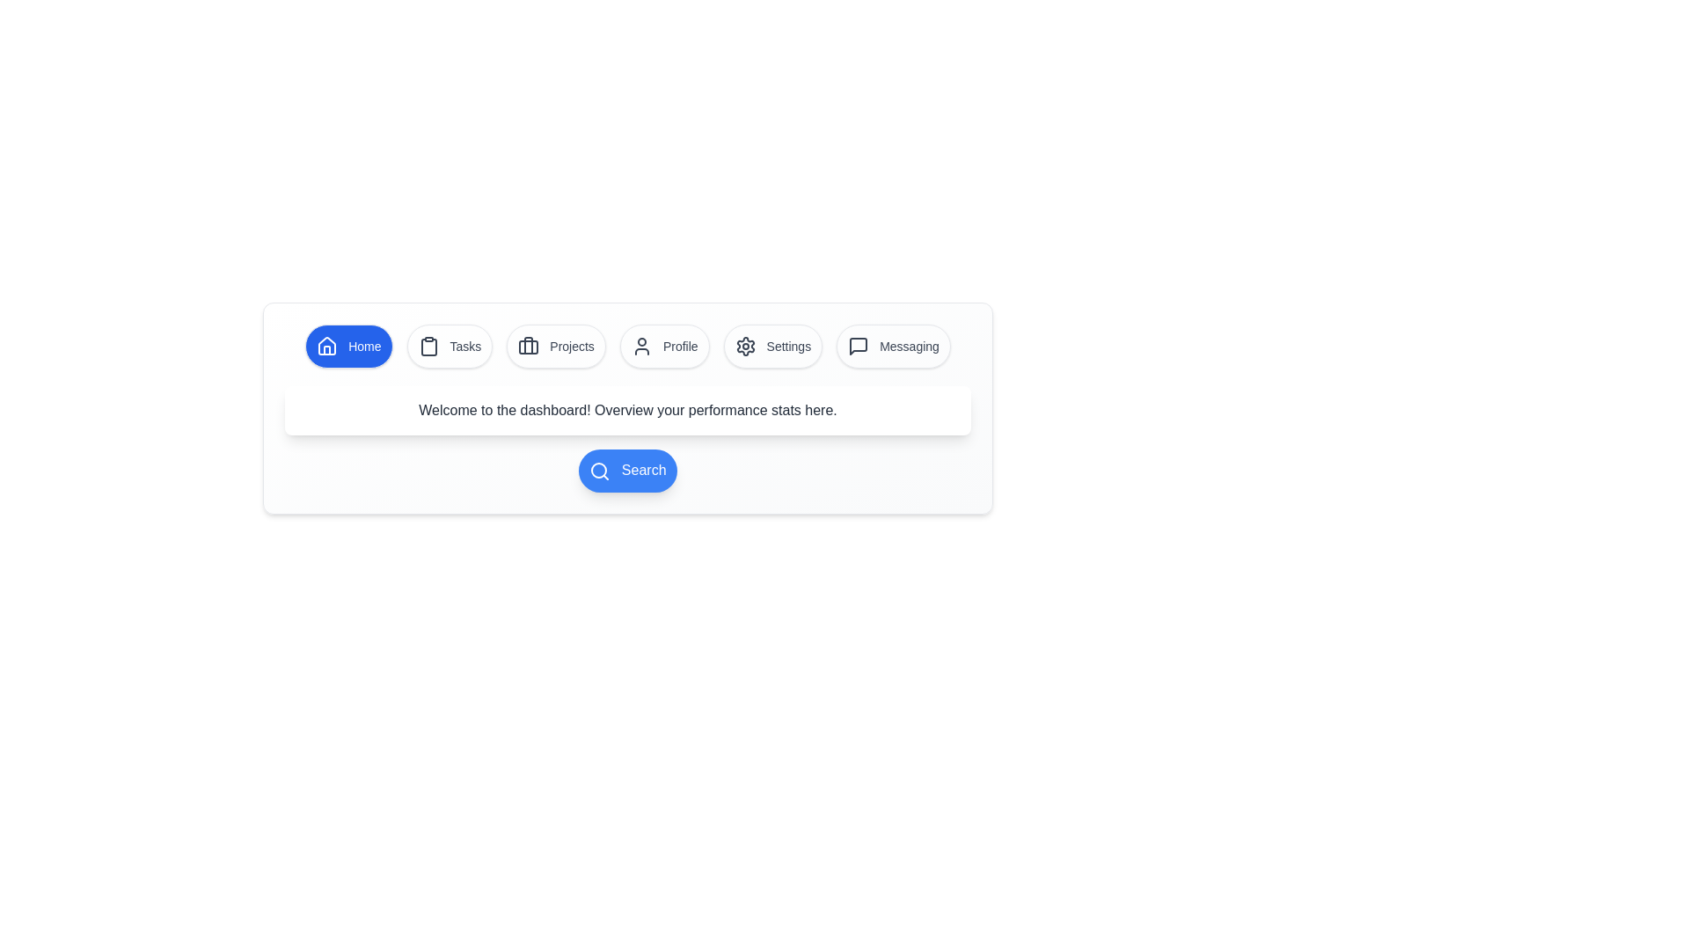 This screenshot has height=950, width=1689. I want to click on the 'Tasks' button, which is a rectangular button with a clipboard icon on the left and dark gray text, located between the 'Home' button and 'Projects' button, so click(450, 346).